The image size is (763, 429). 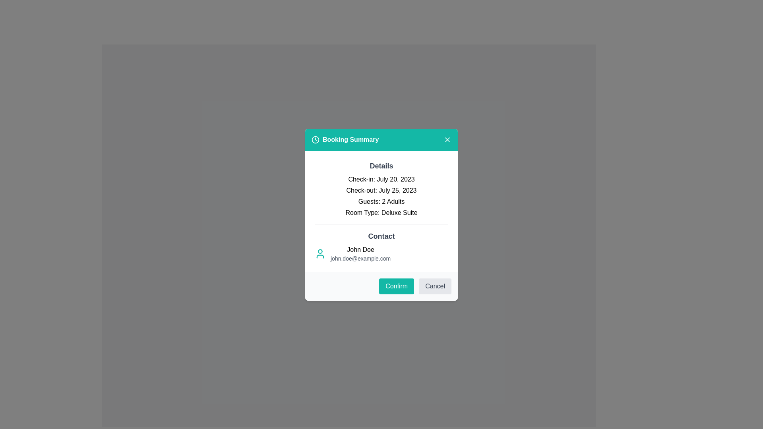 What do you see at coordinates (381, 286) in the screenshot?
I see `the 'Cancel' button, which is light gray with darker gray text, located at the bottom of the 'Booking Summary' dialog box` at bounding box center [381, 286].